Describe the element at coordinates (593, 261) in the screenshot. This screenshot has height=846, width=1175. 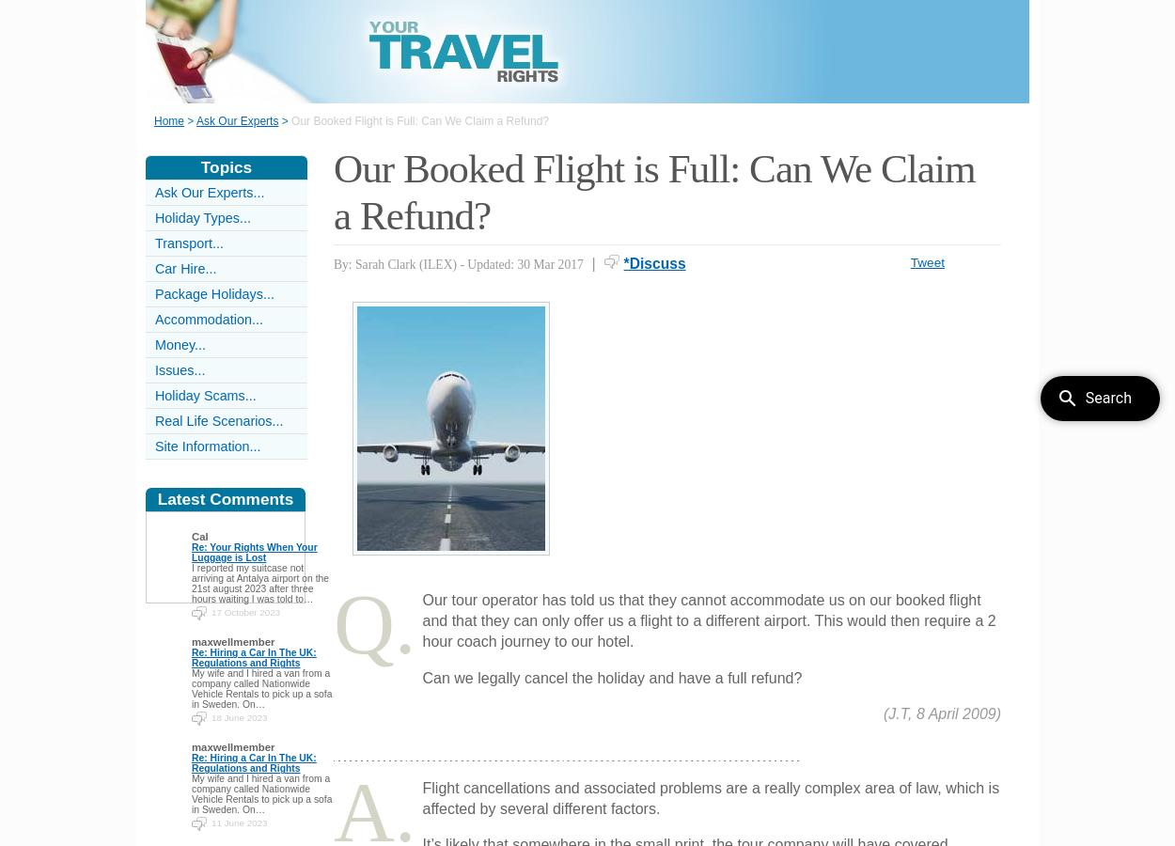
I see `'|'` at that location.